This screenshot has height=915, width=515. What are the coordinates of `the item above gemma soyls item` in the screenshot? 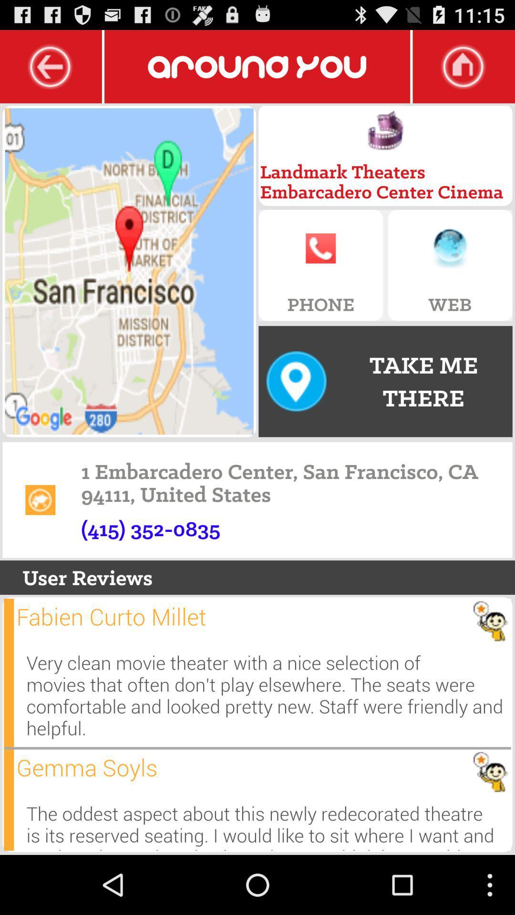 It's located at (268, 695).